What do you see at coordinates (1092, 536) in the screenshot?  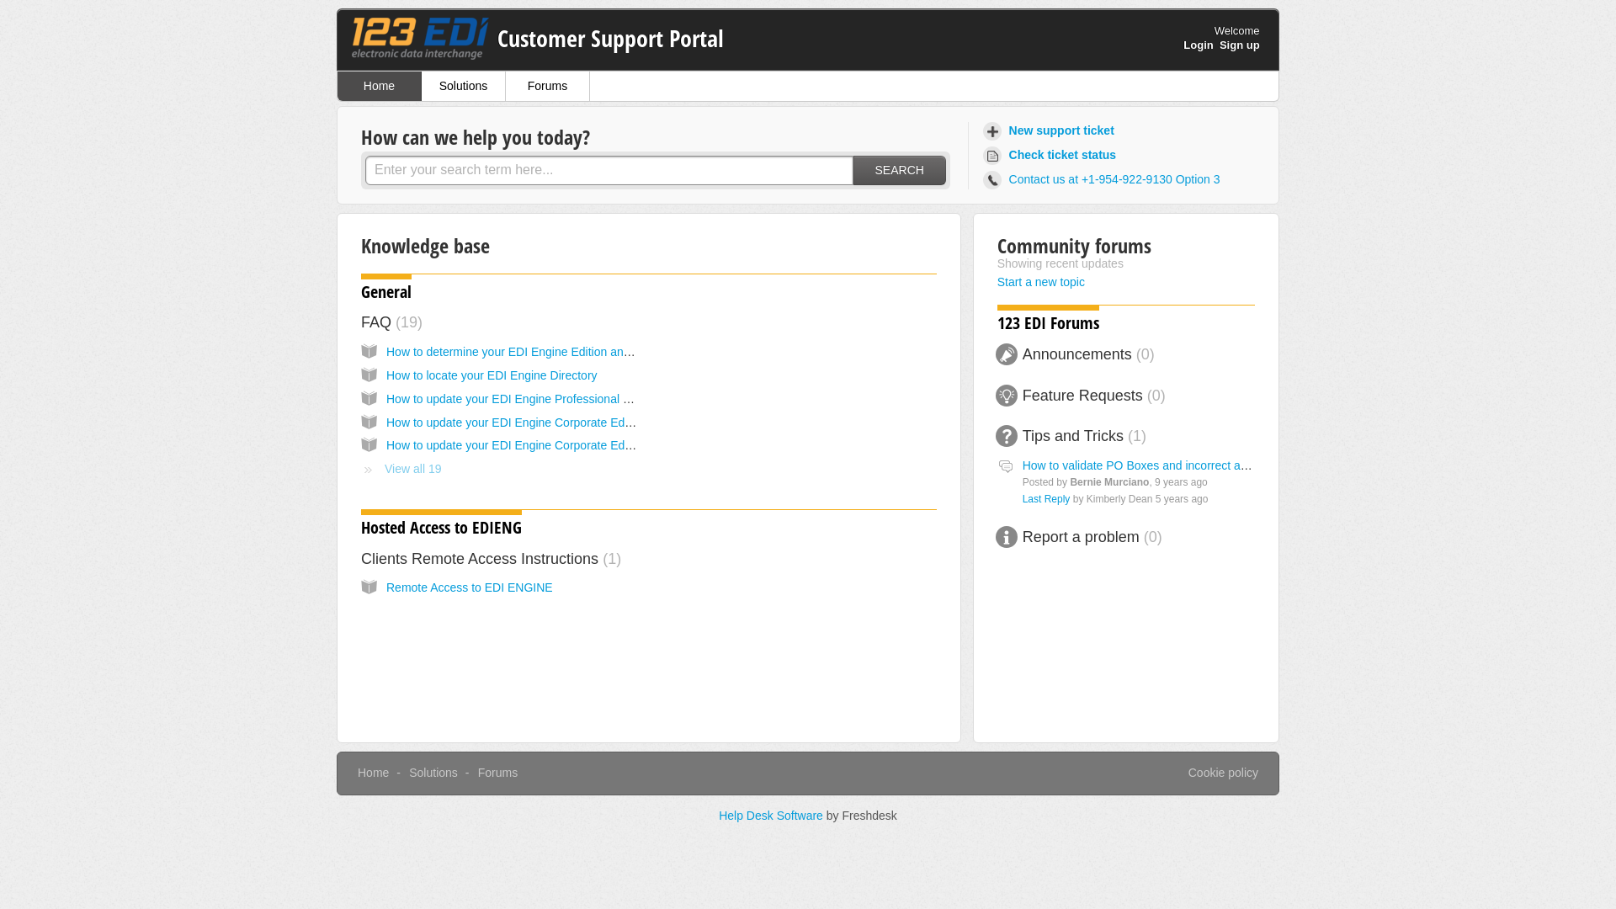 I see `'Report a problem 0'` at bounding box center [1092, 536].